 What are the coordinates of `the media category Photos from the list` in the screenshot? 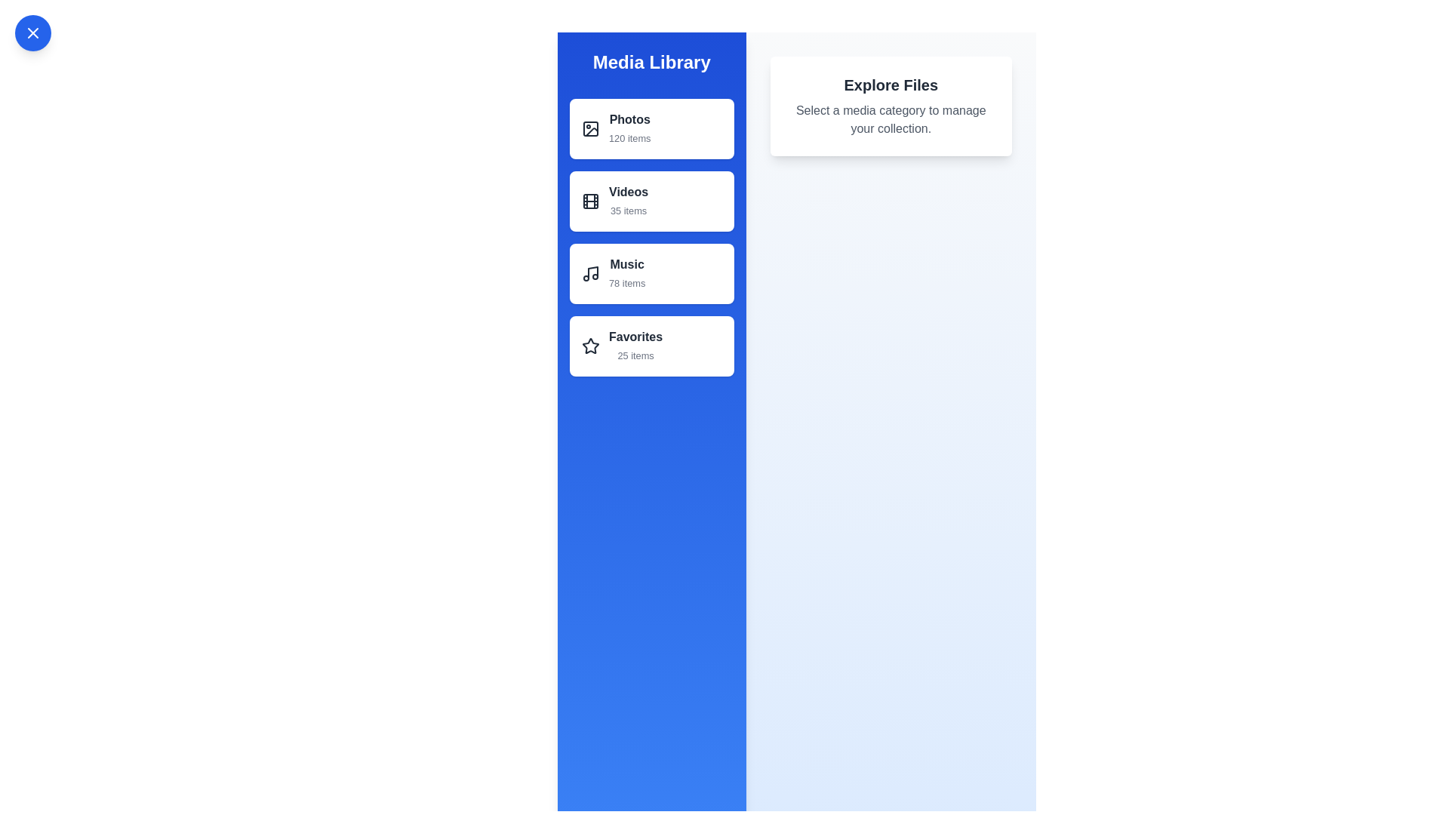 It's located at (651, 128).